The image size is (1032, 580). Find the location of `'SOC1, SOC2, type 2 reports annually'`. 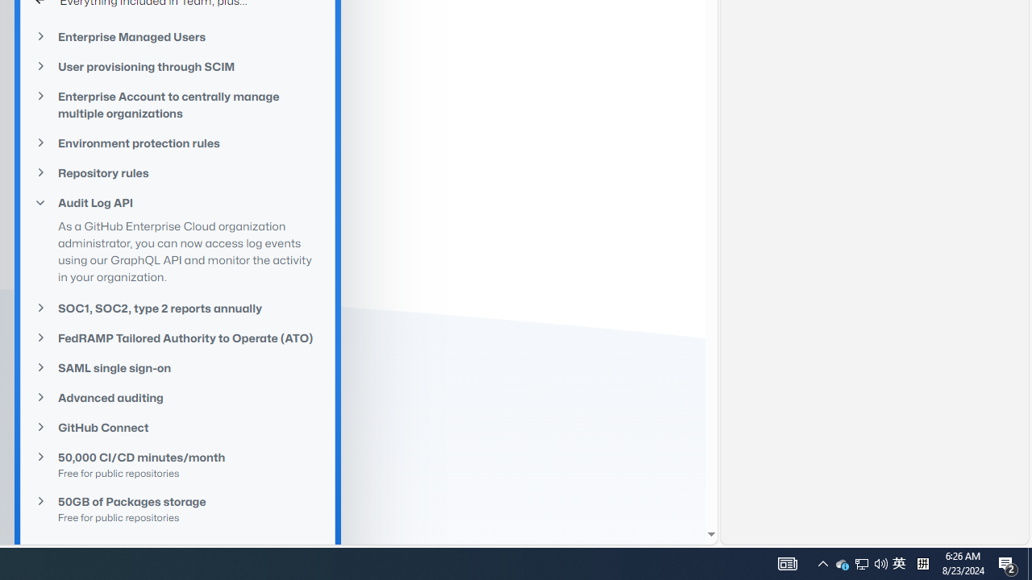

'SOC1, SOC2, type 2 reports annually' is located at coordinates (177, 308).